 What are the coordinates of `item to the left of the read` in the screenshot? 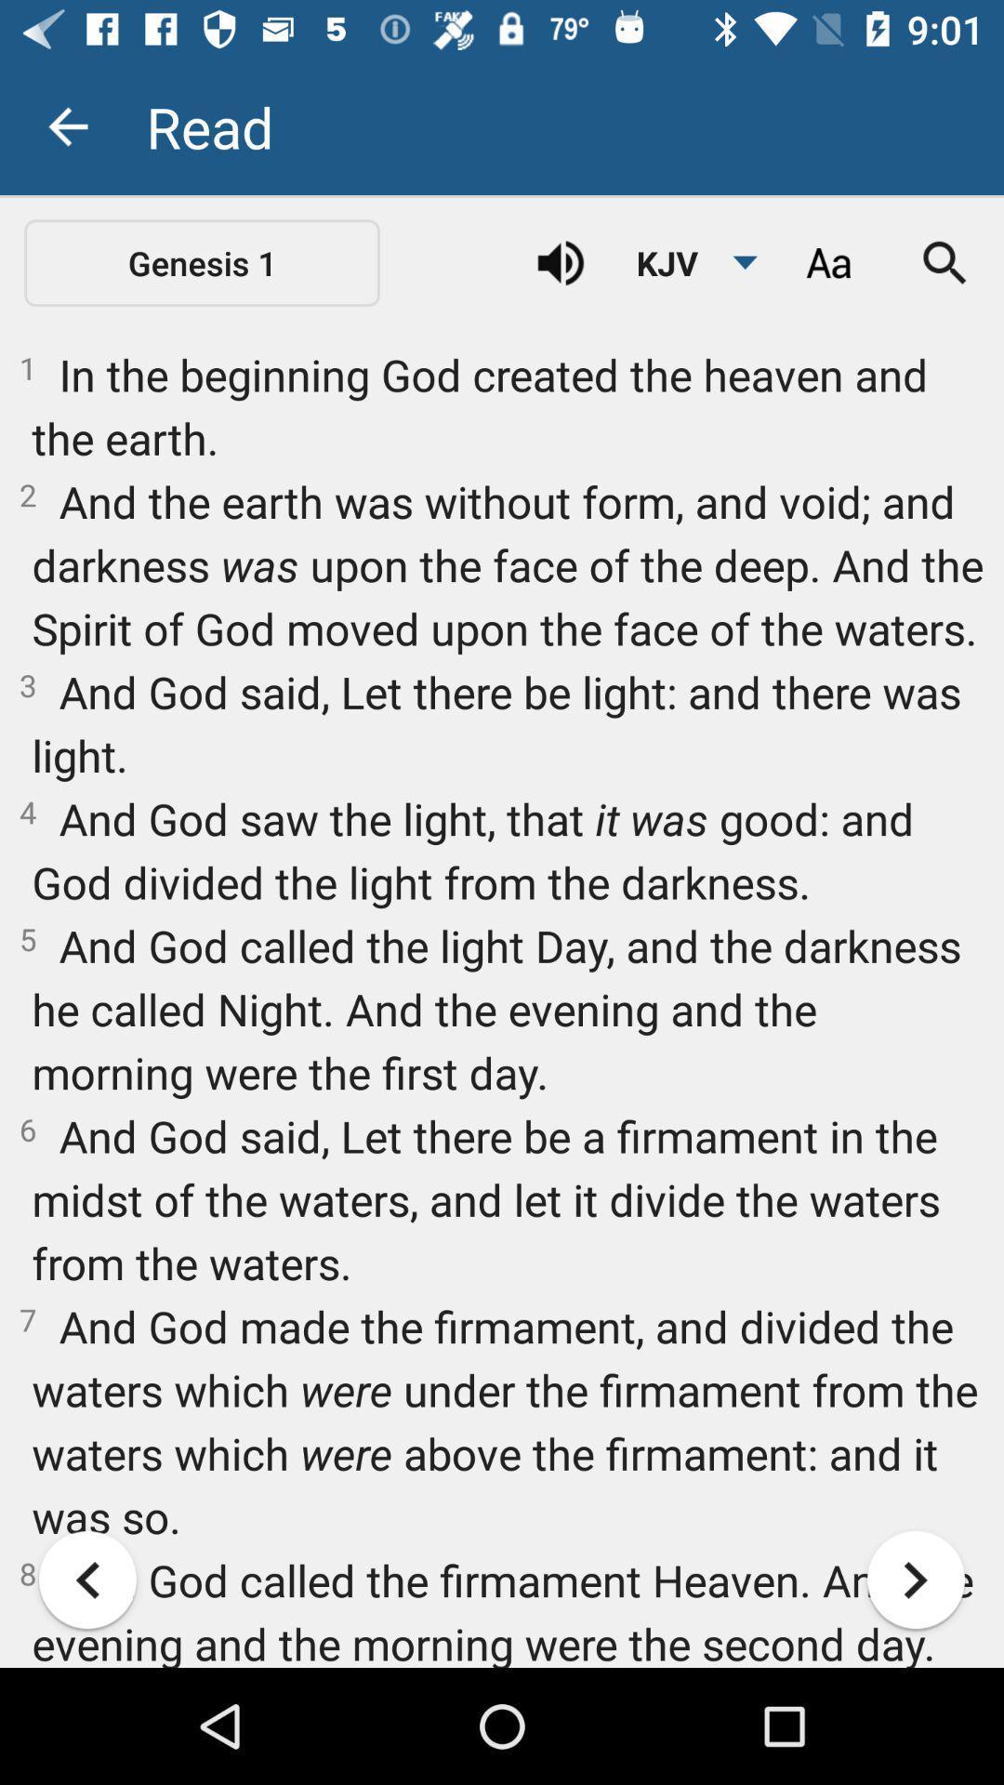 It's located at (67, 126).